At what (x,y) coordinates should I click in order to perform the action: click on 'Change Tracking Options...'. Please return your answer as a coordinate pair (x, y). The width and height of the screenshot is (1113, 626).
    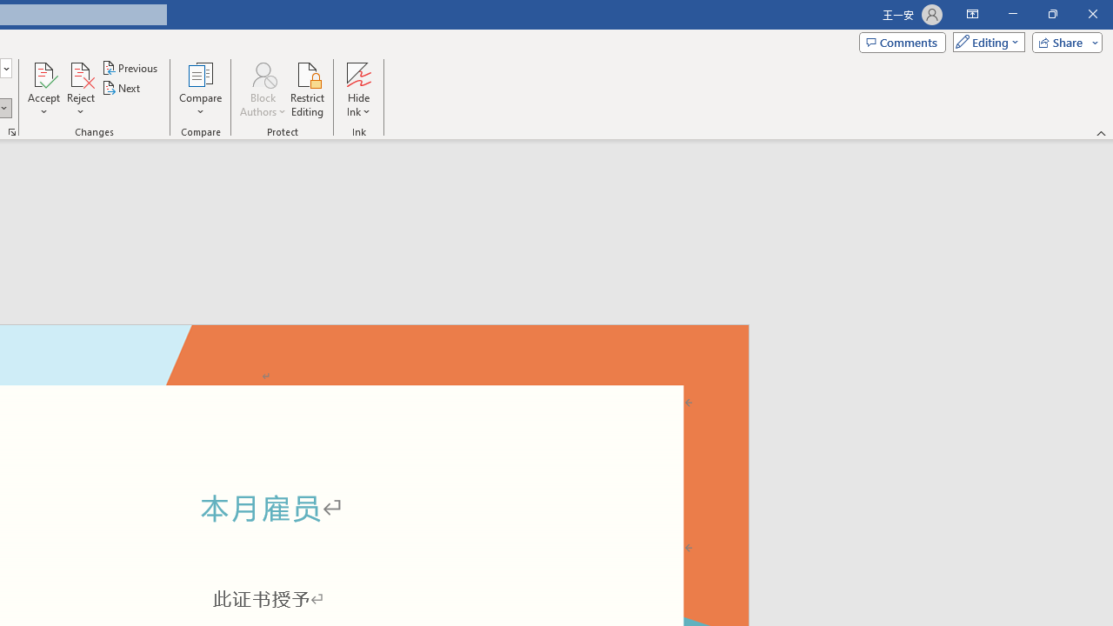
    Looking at the image, I should click on (12, 130).